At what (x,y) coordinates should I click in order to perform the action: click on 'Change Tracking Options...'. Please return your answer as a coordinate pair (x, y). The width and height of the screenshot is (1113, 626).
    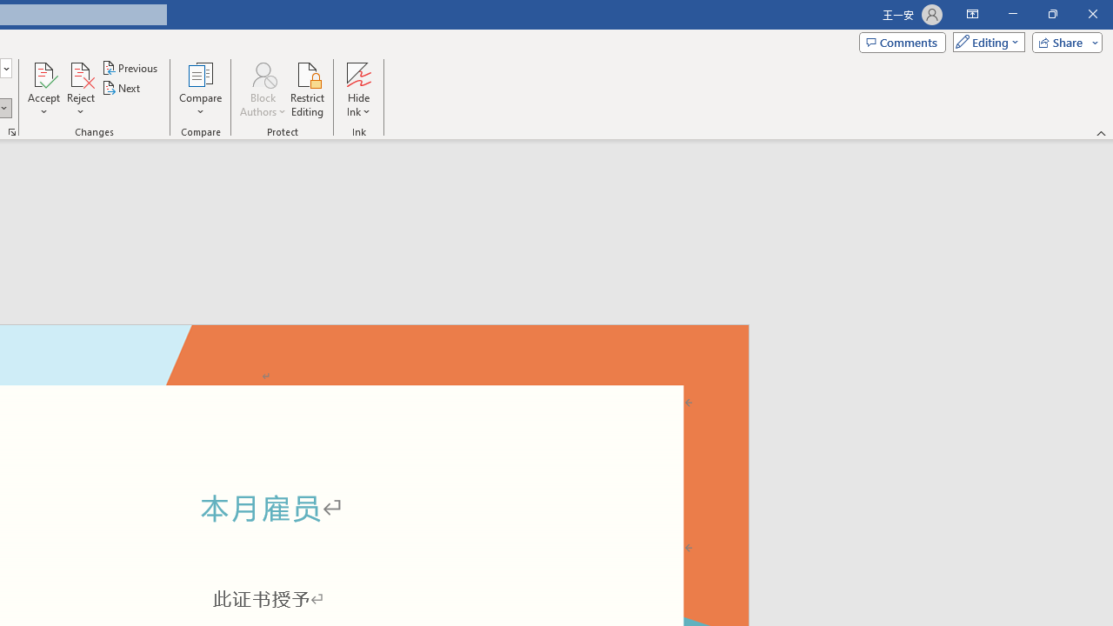
    Looking at the image, I should click on (12, 130).